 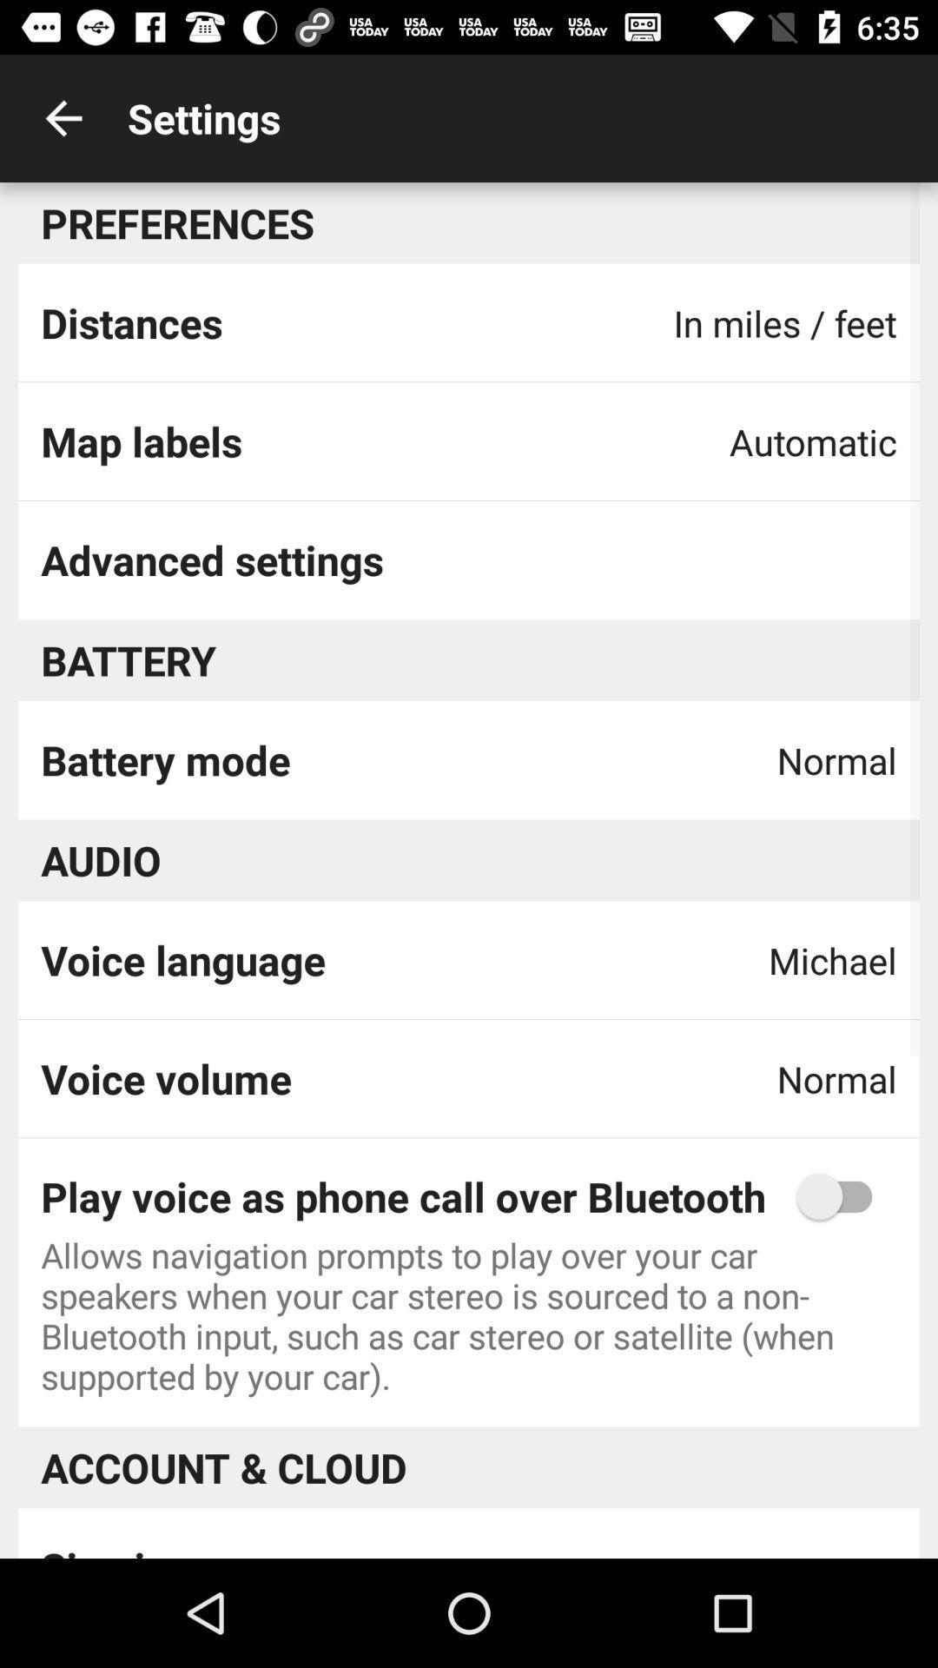 I want to click on icon above advanced settings item, so click(x=141, y=441).